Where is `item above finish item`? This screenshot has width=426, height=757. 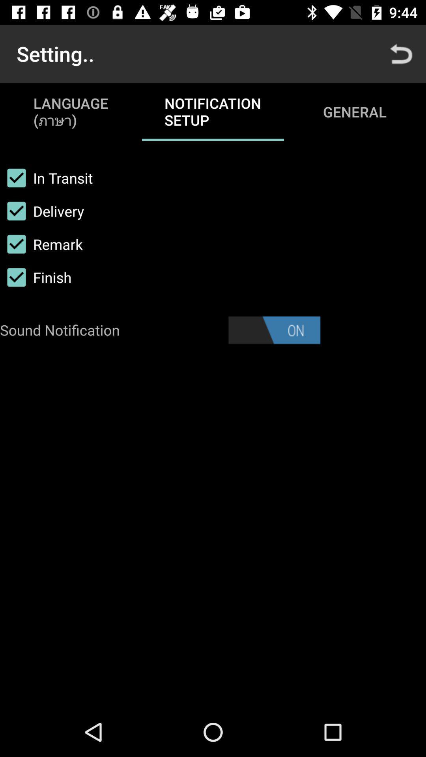 item above finish item is located at coordinates (41, 244).